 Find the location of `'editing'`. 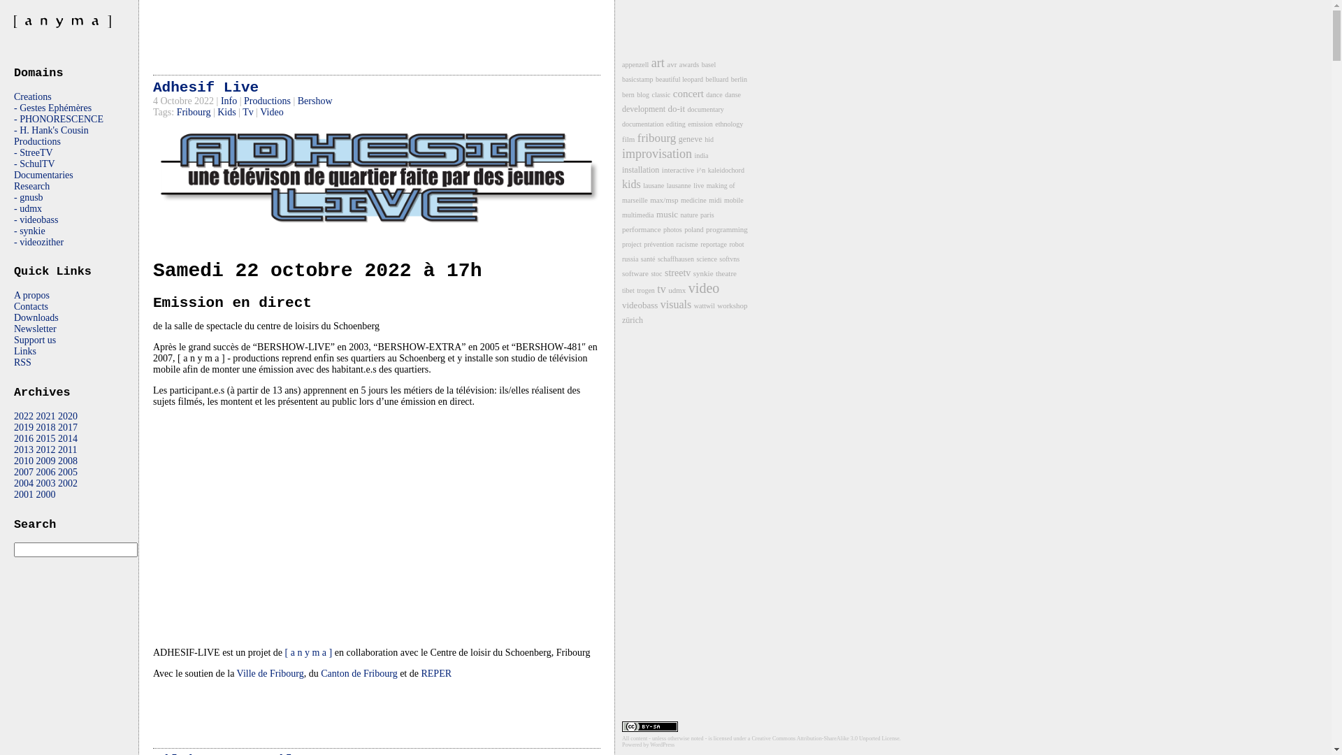

'editing' is located at coordinates (665, 123).